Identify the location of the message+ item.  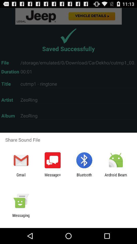
(52, 177).